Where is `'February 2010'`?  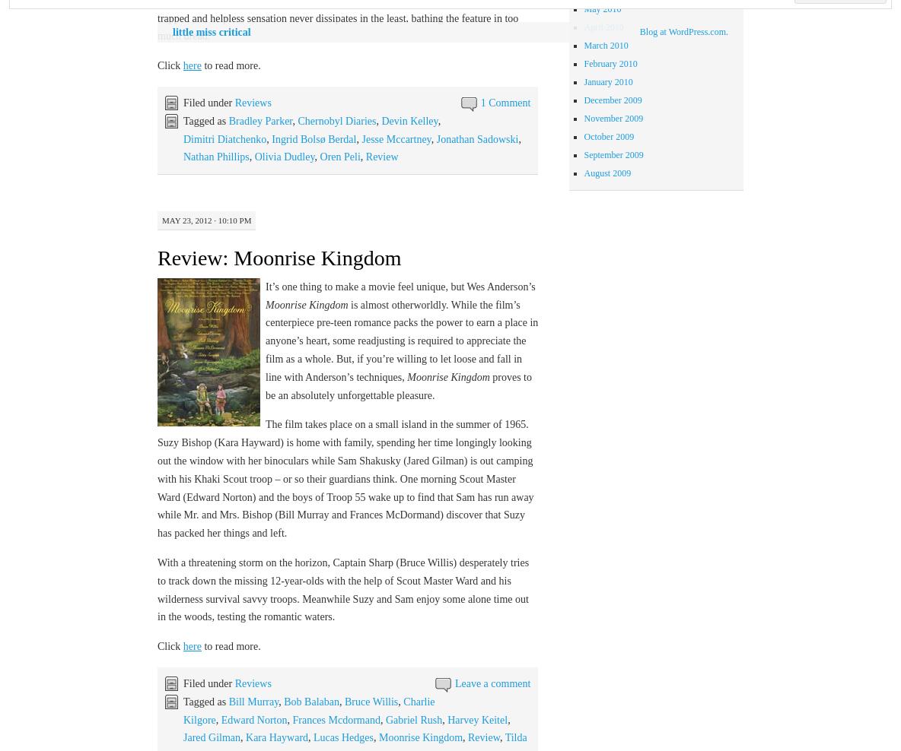 'February 2010' is located at coordinates (610, 62).